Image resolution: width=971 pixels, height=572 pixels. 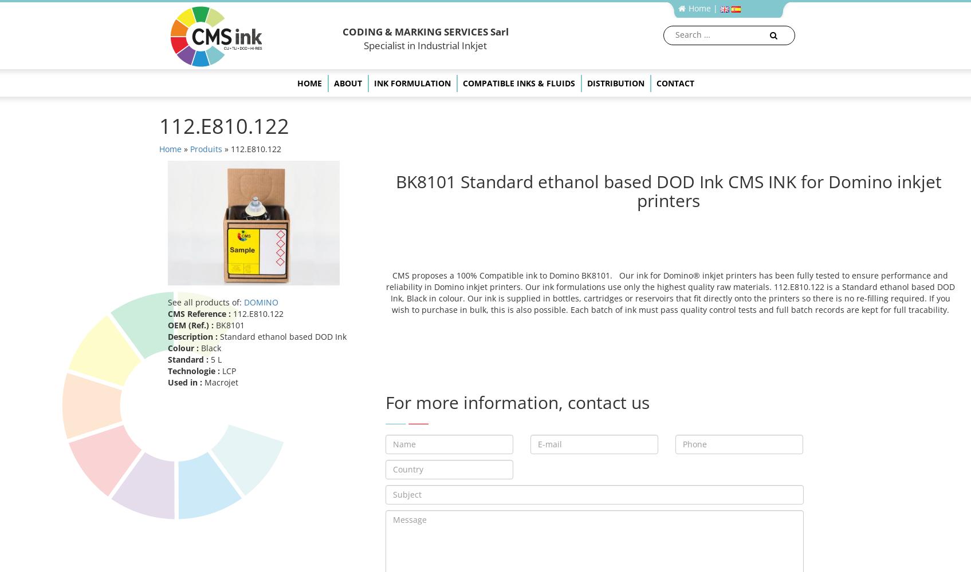 What do you see at coordinates (667, 190) in the screenshot?
I see `'BK8101 Standard ethanol based DOD Ink CMS INK for Domino inkjet printers'` at bounding box center [667, 190].